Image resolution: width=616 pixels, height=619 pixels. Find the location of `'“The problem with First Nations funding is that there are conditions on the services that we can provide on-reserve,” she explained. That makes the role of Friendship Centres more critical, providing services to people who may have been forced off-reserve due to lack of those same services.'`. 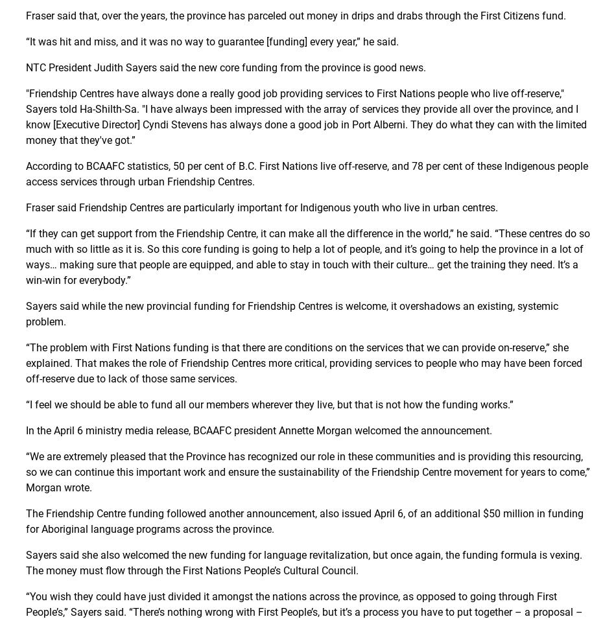

'“The problem with First Nations funding is that there are conditions on the services that we can provide on-reserve,” she explained. That makes the role of Friendship Centres more critical, providing services to people who may have been forced off-reserve due to lack of those same services.' is located at coordinates (303, 363).